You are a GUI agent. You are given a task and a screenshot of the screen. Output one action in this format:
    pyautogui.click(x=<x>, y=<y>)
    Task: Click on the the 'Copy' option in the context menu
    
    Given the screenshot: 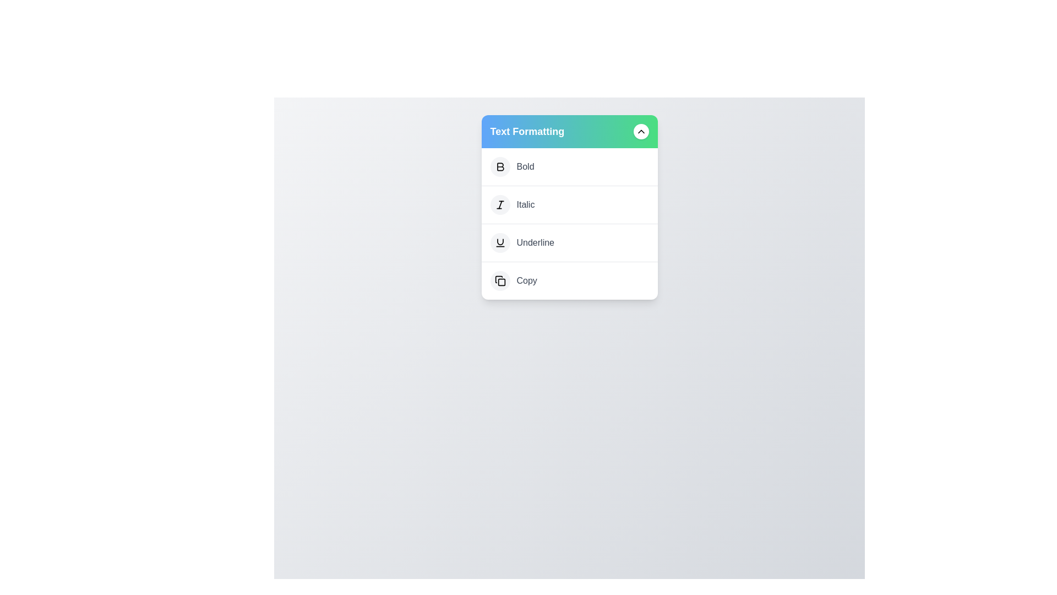 What is the action you would take?
    pyautogui.click(x=569, y=280)
    